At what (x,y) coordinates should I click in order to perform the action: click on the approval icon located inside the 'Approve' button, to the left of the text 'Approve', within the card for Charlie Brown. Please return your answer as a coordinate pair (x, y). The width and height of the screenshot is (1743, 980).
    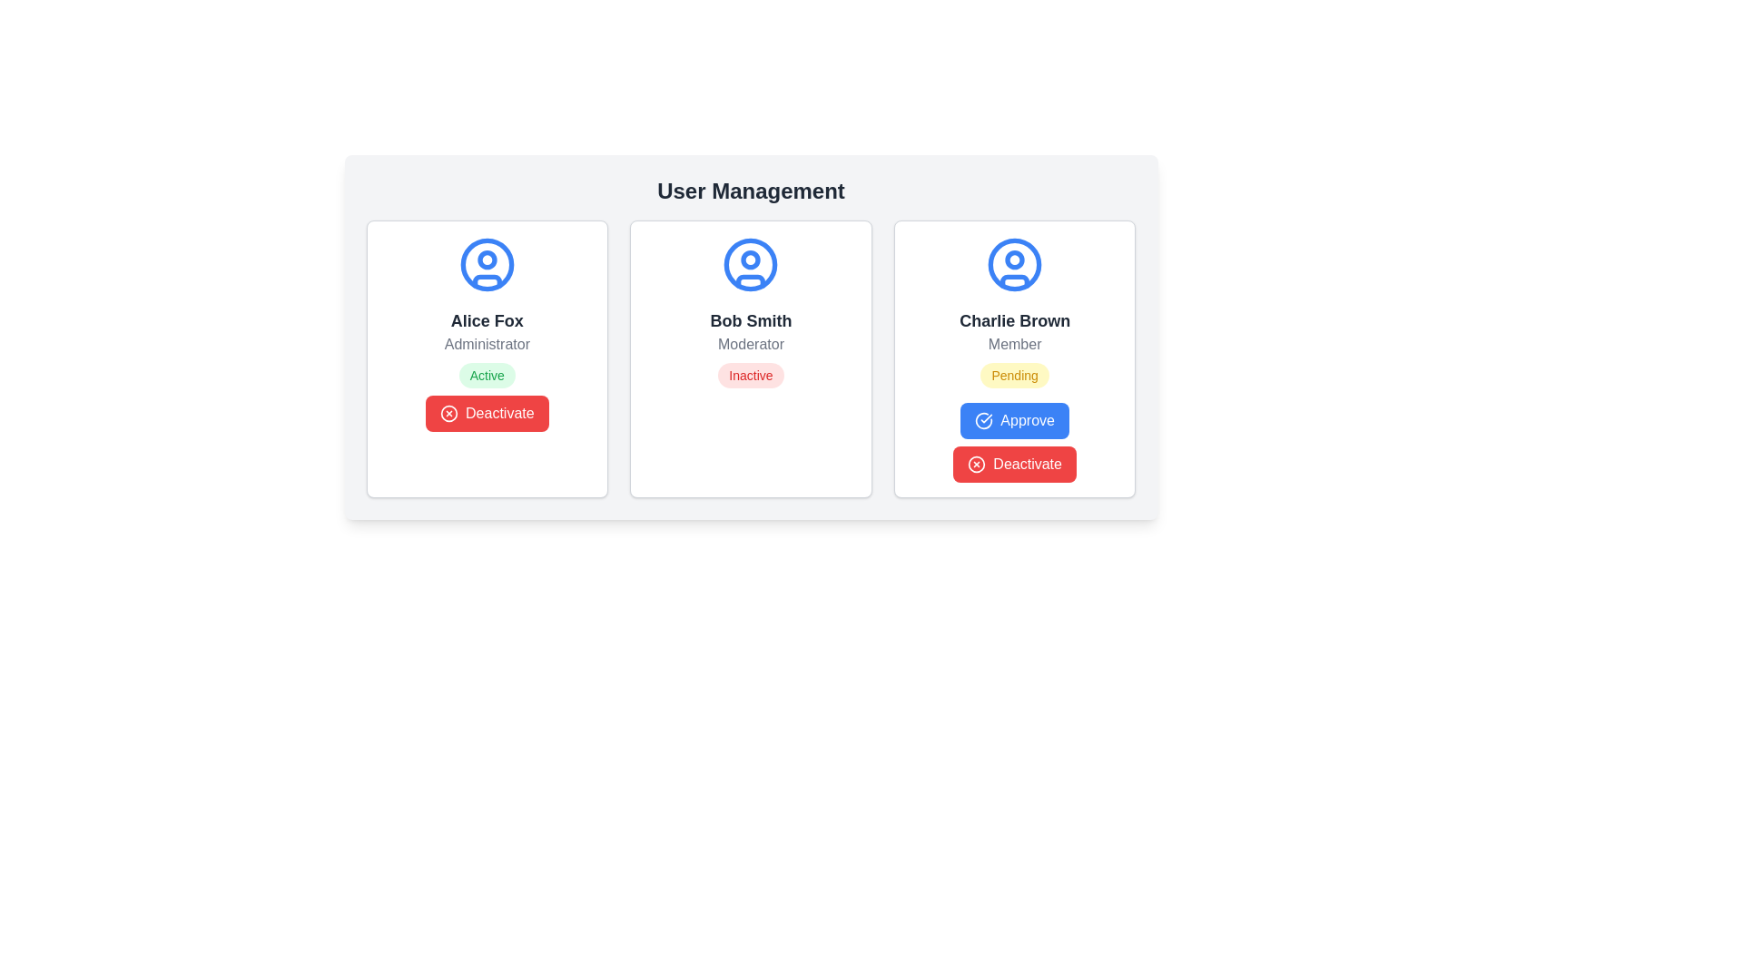
    Looking at the image, I should click on (983, 420).